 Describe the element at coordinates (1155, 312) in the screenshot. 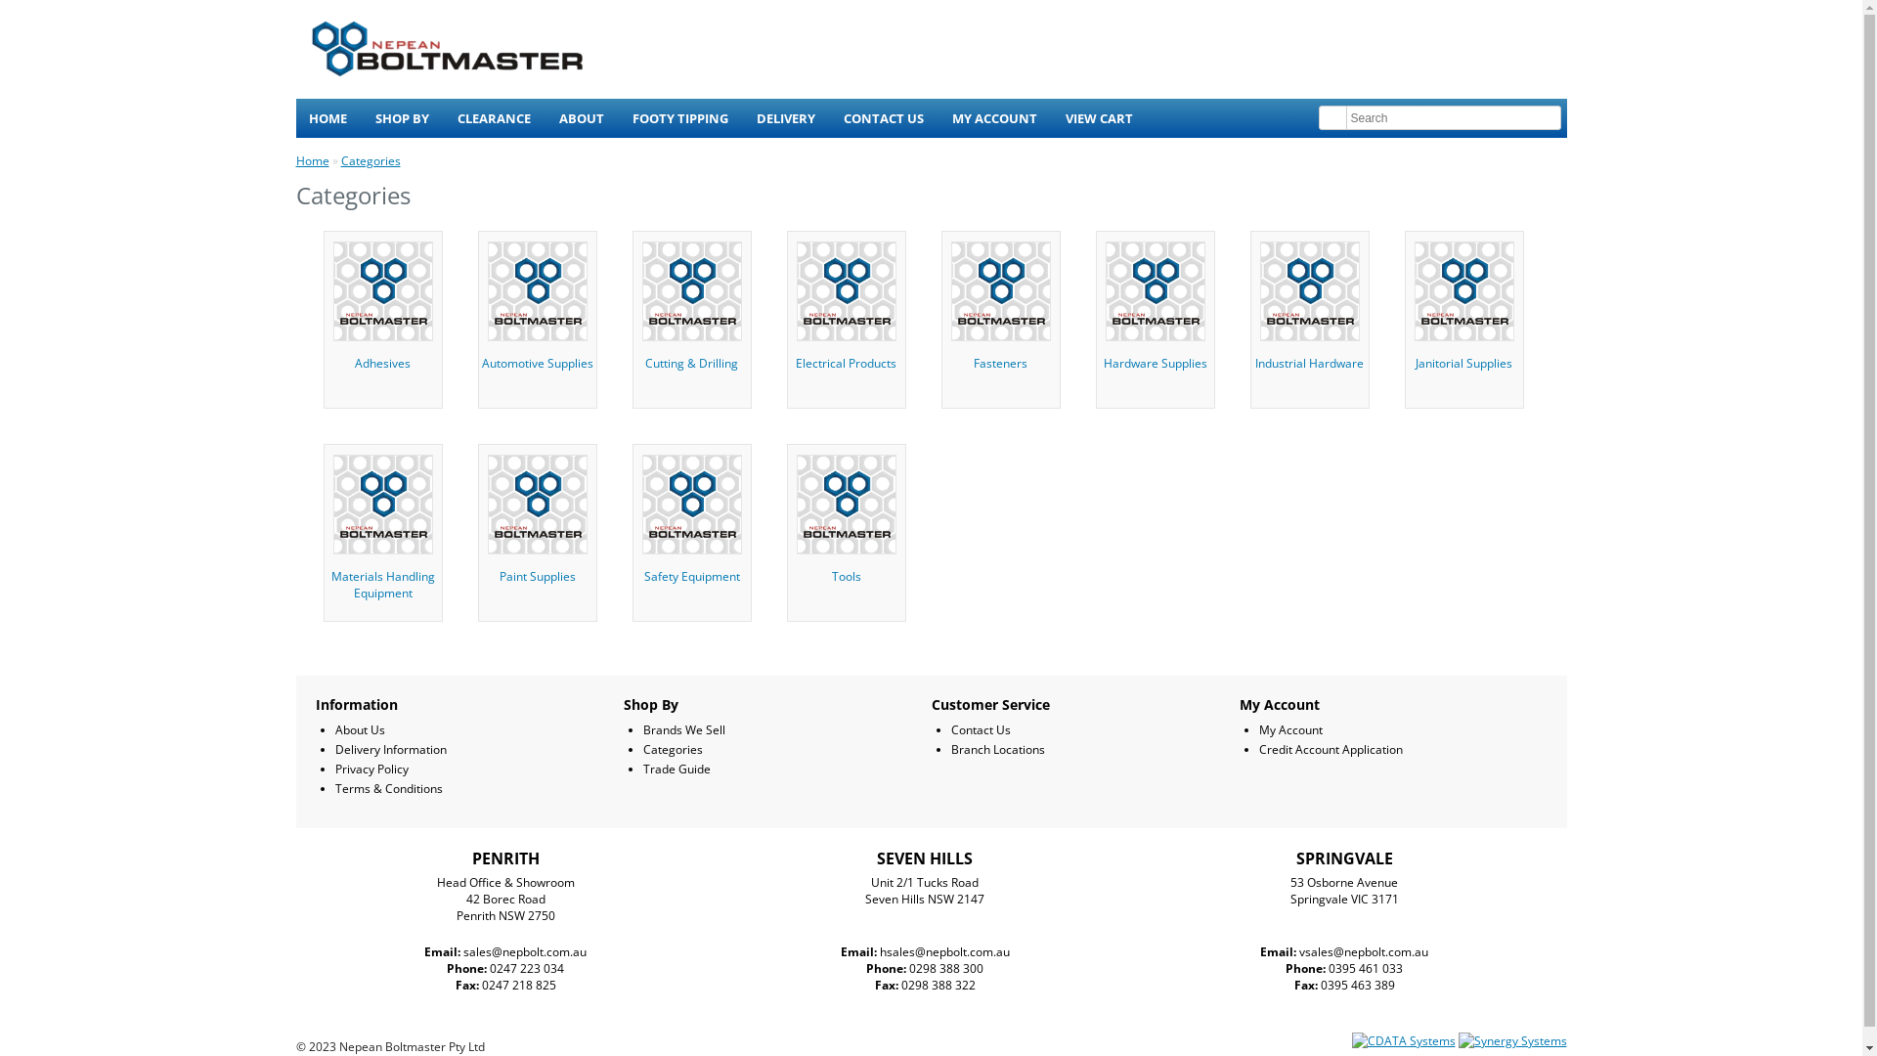

I see `'Hardware Supplies'` at that location.